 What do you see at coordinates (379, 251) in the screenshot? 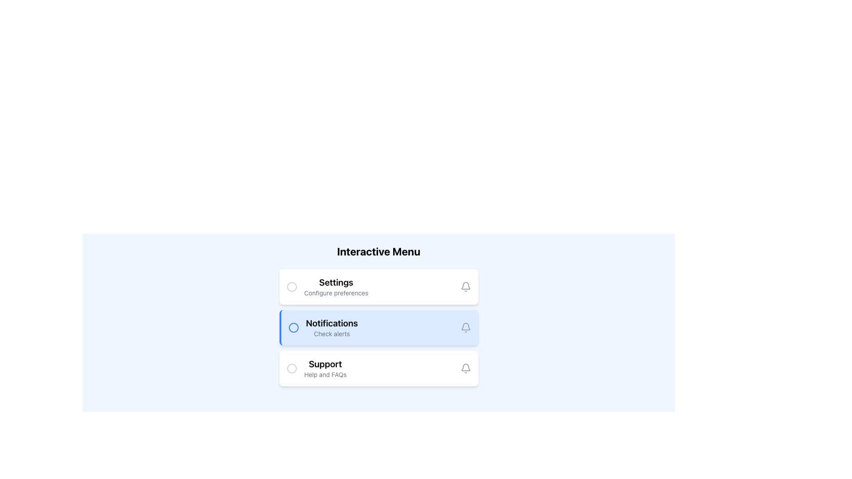
I see `bold text 'Interactive Menu' which is prominently displayed at the top of the menu section` at bounding box center [379, 251].